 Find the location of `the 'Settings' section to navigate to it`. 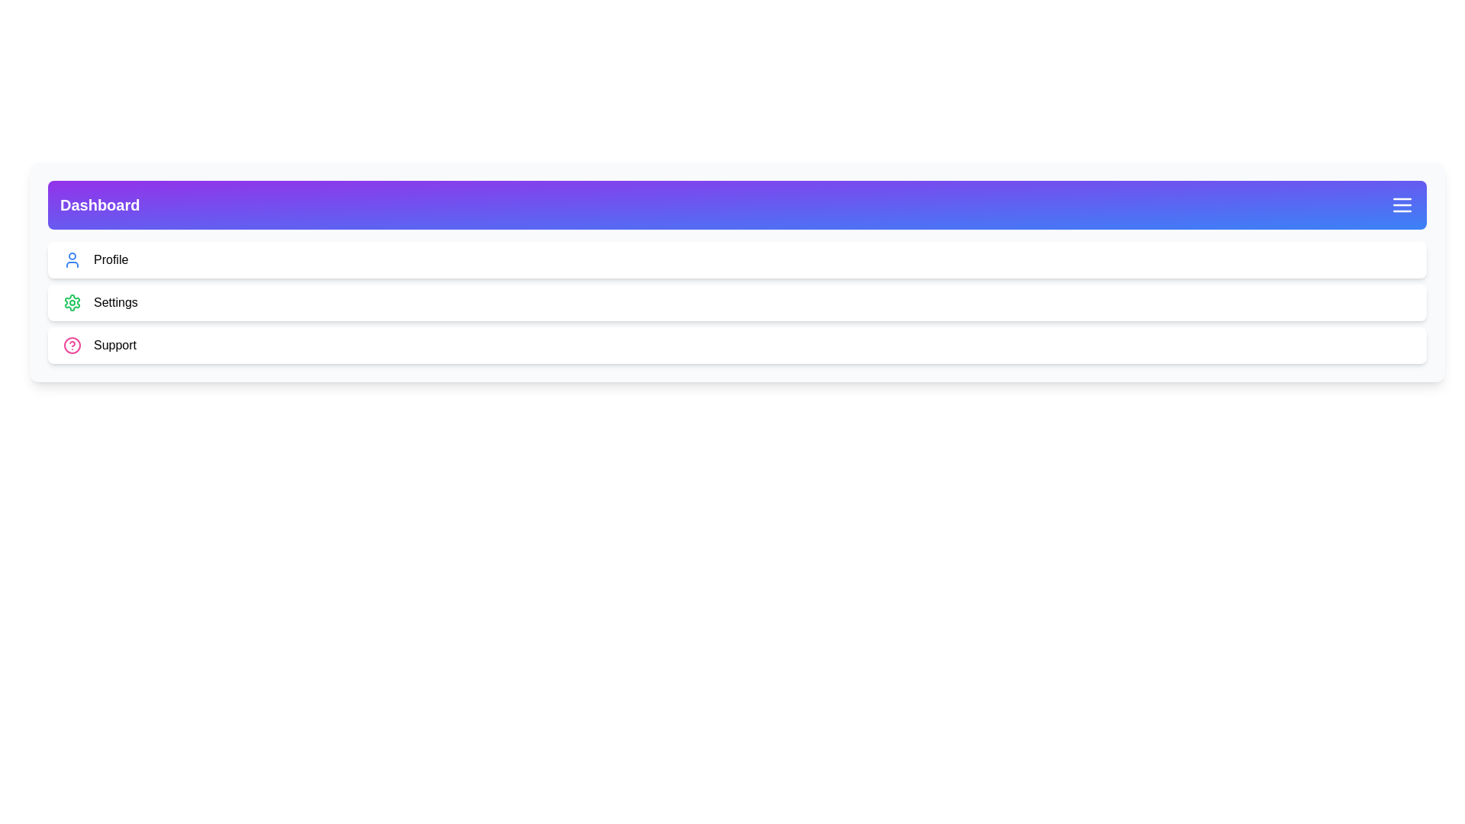

the 'Settings' section to navigate to it is located at coordinates (737, 303).